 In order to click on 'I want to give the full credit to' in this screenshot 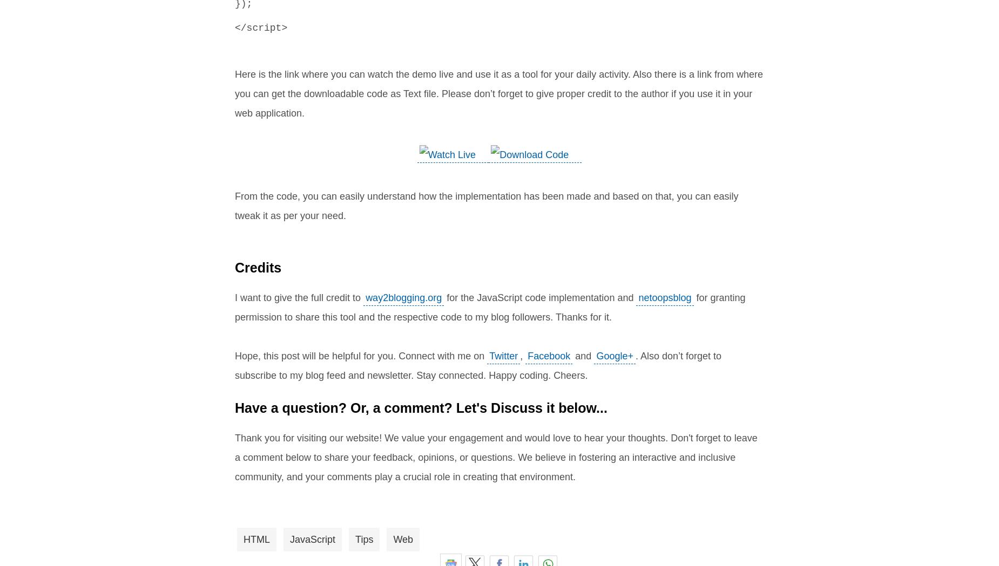, I will do `click(299, 297)`.